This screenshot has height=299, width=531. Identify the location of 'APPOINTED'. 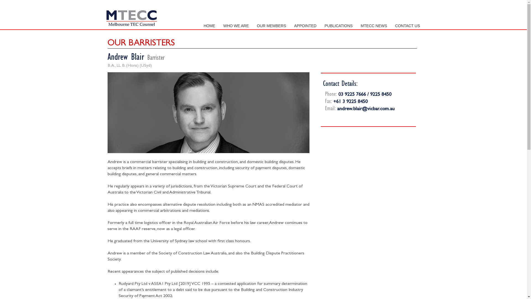
(305, 25).